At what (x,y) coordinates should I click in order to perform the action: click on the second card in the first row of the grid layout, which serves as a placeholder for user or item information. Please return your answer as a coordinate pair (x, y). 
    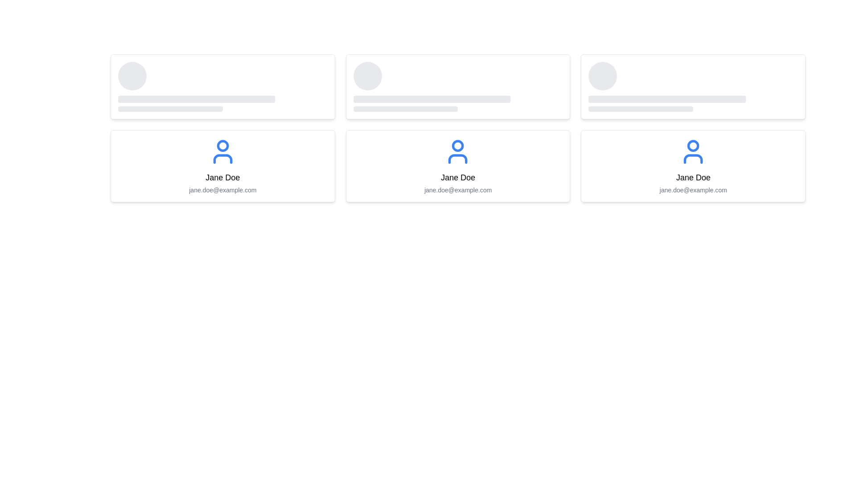
    Looking at the image, I should click on (458, 87).